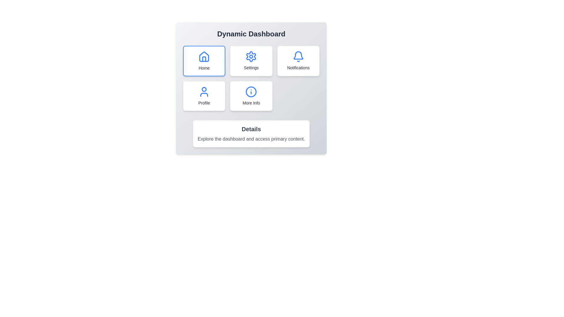 The width and height of the screenshot is (564, 317). What do you see at coordinates (298, 56) in the screenshot?
I see `the notifications icon located in the upper-right section of the main interface card, which symbolizes alerts or updates` at bounding box center [298, 56].